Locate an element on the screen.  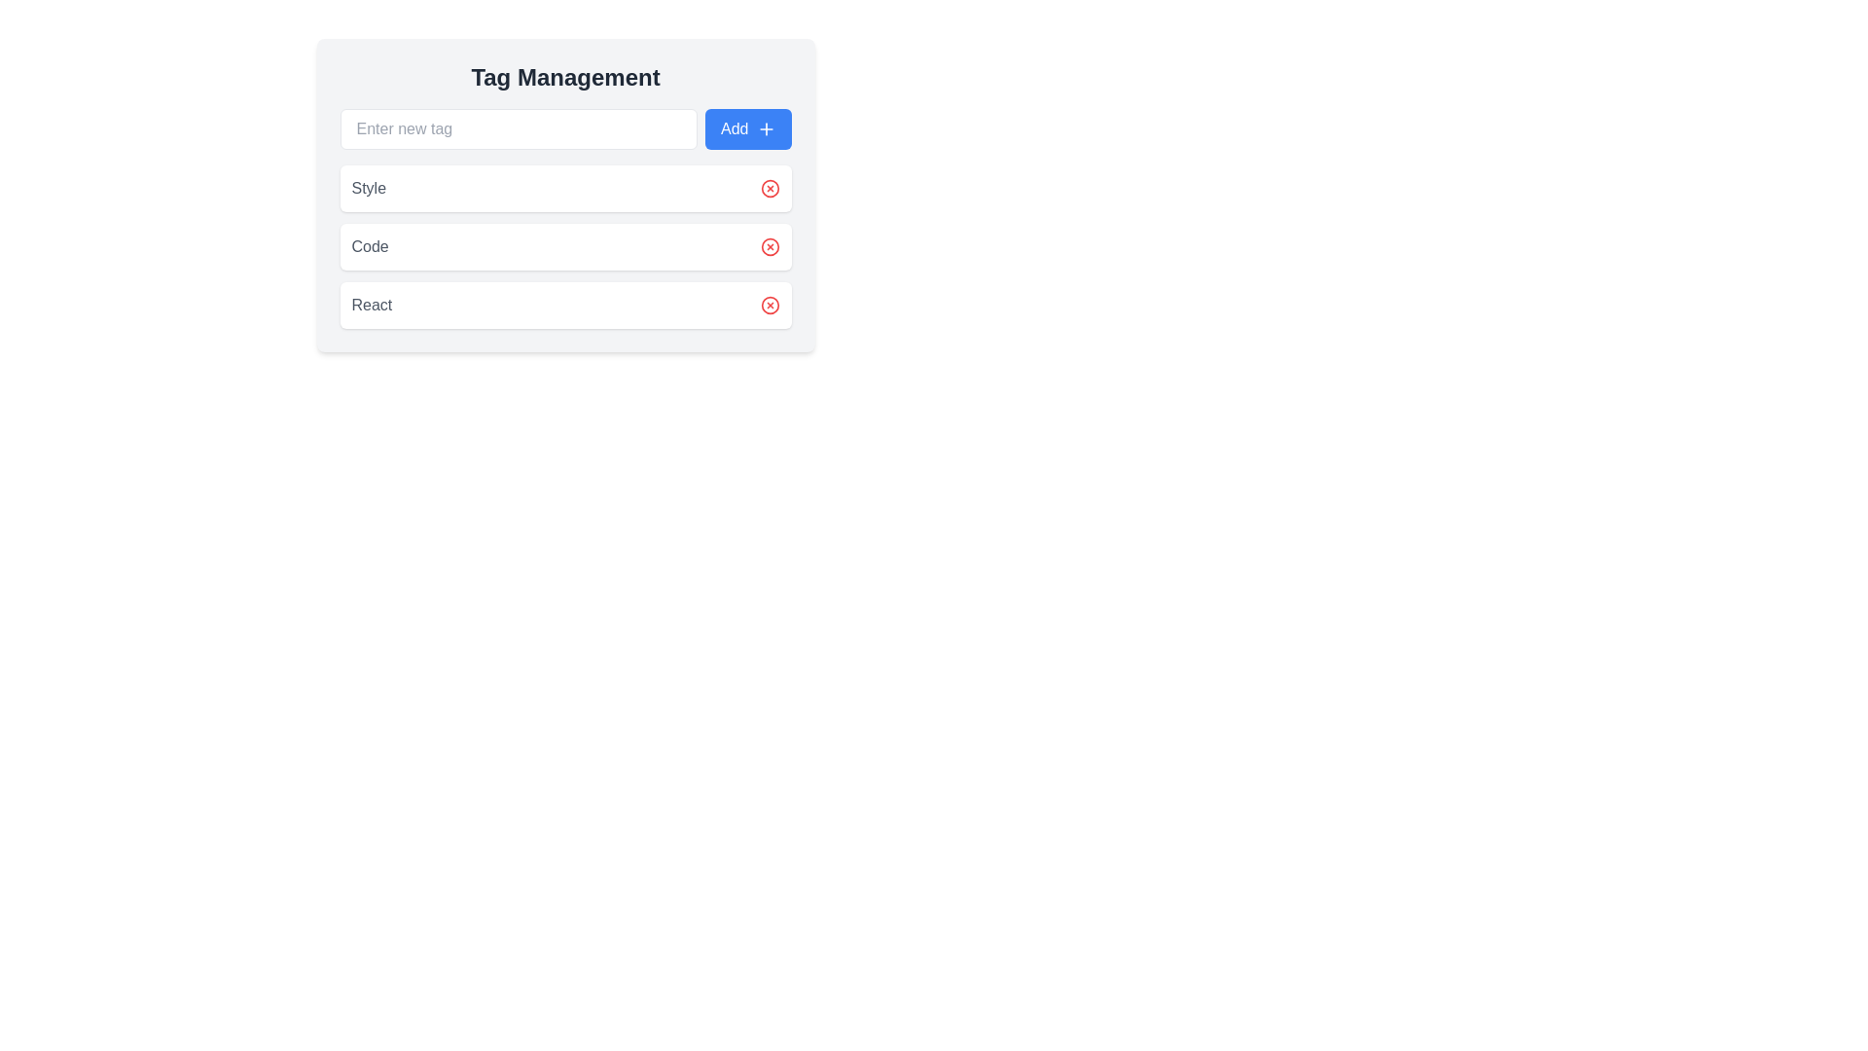
the delete button located to the right of the 'React' label in the third row of the list to initiate a delete action is located at coordinates (769, 305).